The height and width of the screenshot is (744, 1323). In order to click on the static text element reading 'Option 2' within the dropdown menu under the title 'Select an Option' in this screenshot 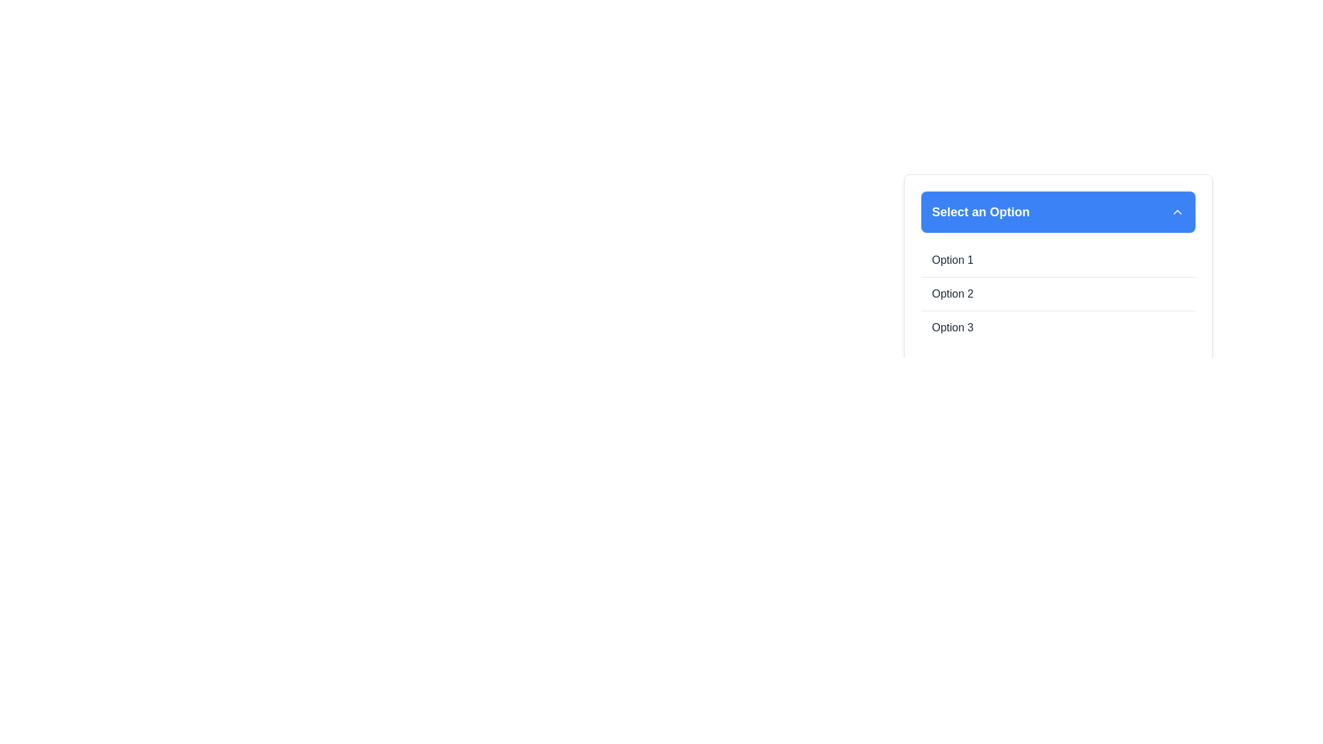, I will do `click(952, 293)`.